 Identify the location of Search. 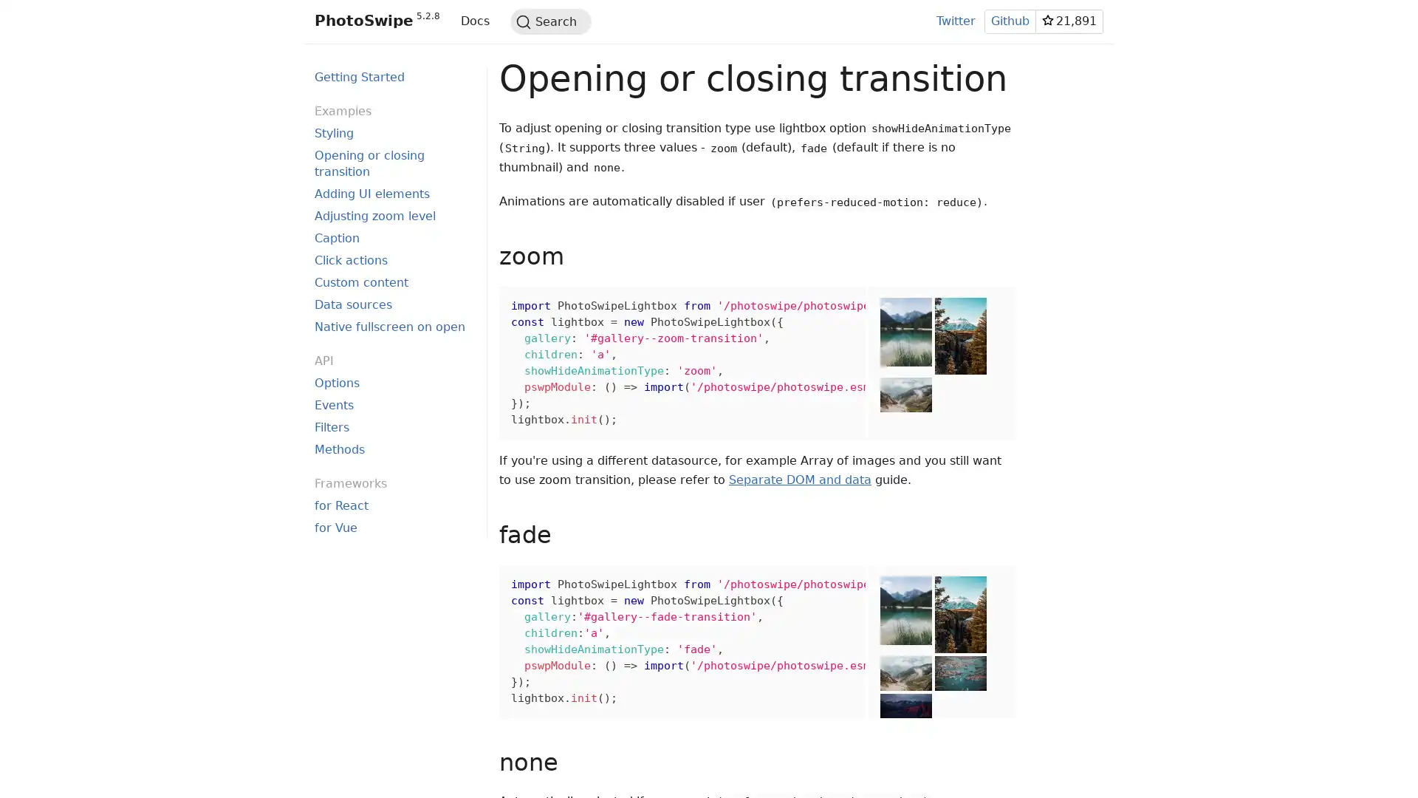
(549, 21).